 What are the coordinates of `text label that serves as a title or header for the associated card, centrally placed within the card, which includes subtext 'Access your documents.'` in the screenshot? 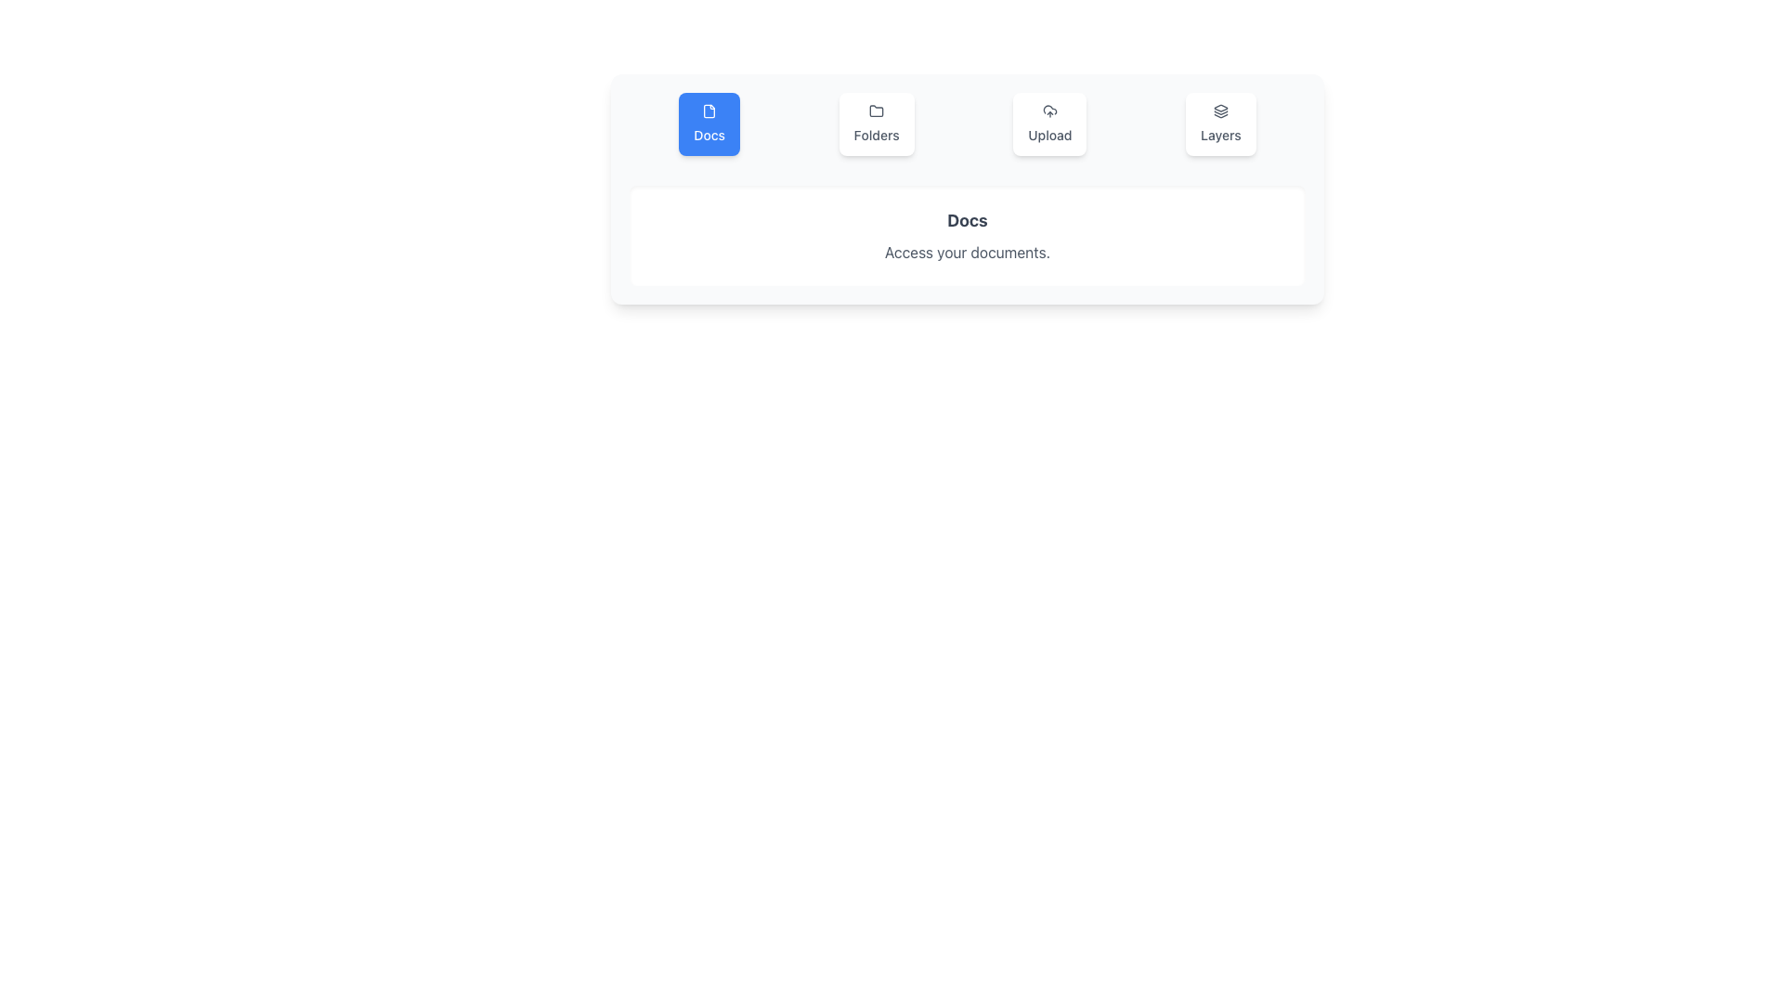 It's located at (966, 220).